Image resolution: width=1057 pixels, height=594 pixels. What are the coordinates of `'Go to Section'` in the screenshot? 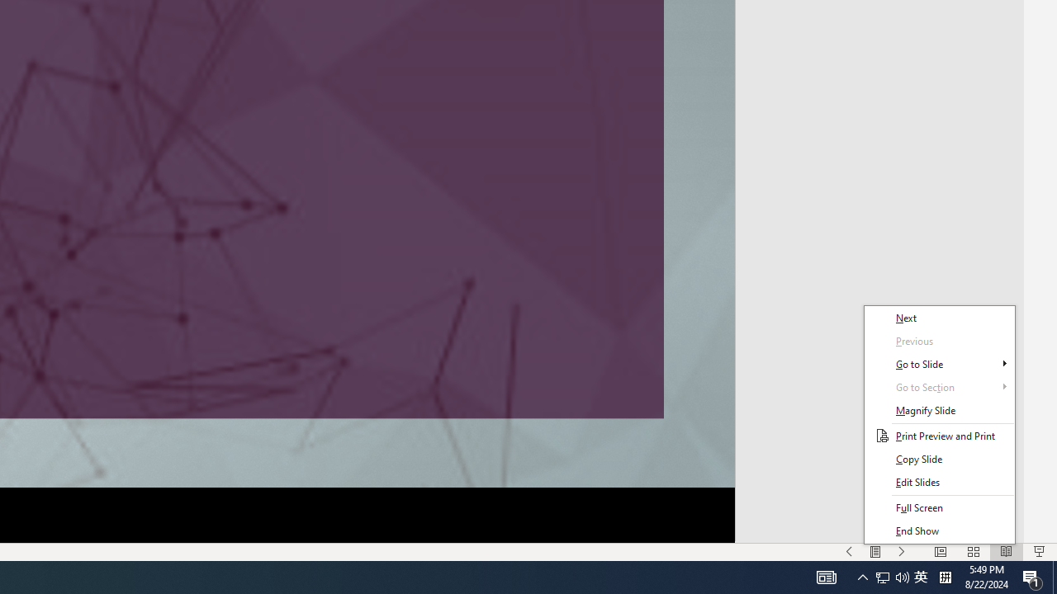 It's located at (939, 387).